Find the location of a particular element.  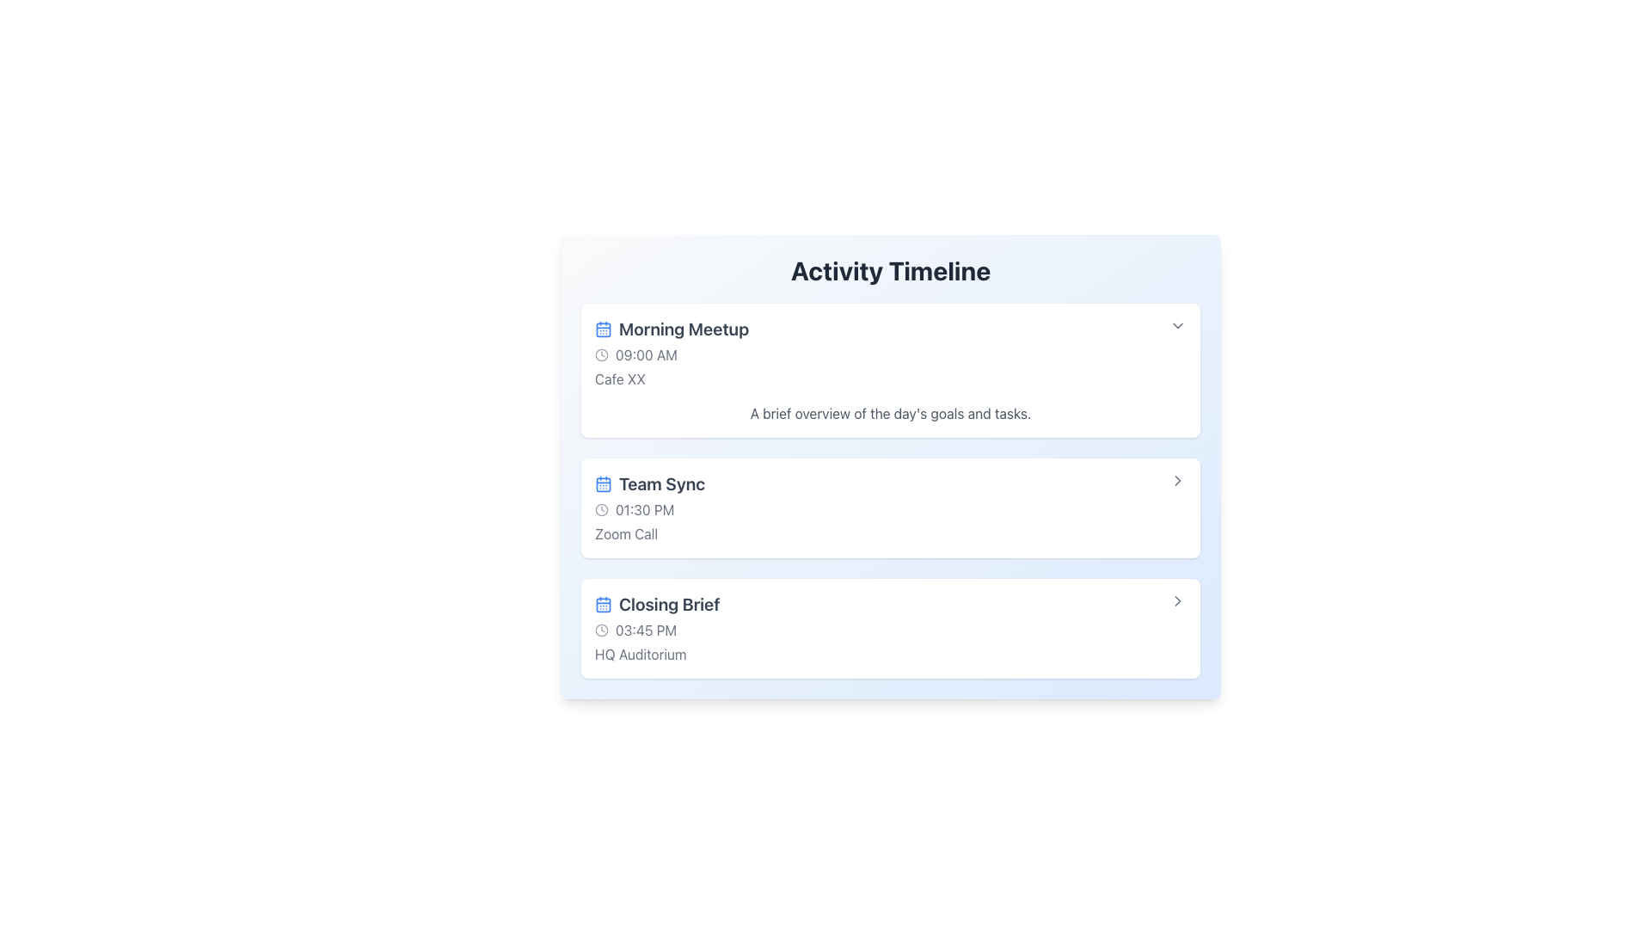

the second Card in the activity timeline that displays information about a specific event, located between 'Morning Meetup' and 'Closing Brief' is located at coordinates (891, 467).